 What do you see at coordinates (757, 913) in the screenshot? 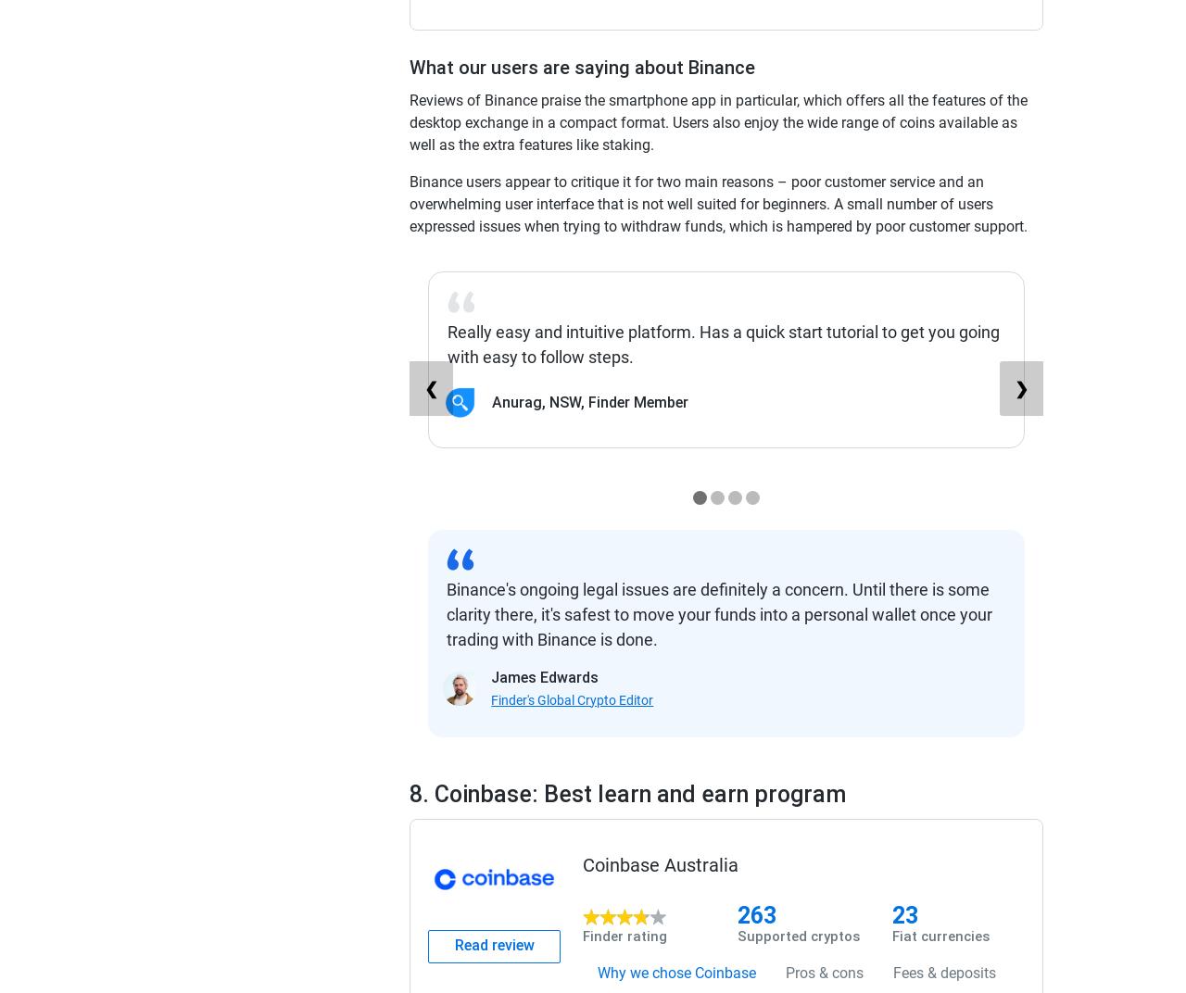
I see `'263'` at bounding box center [757, 913].